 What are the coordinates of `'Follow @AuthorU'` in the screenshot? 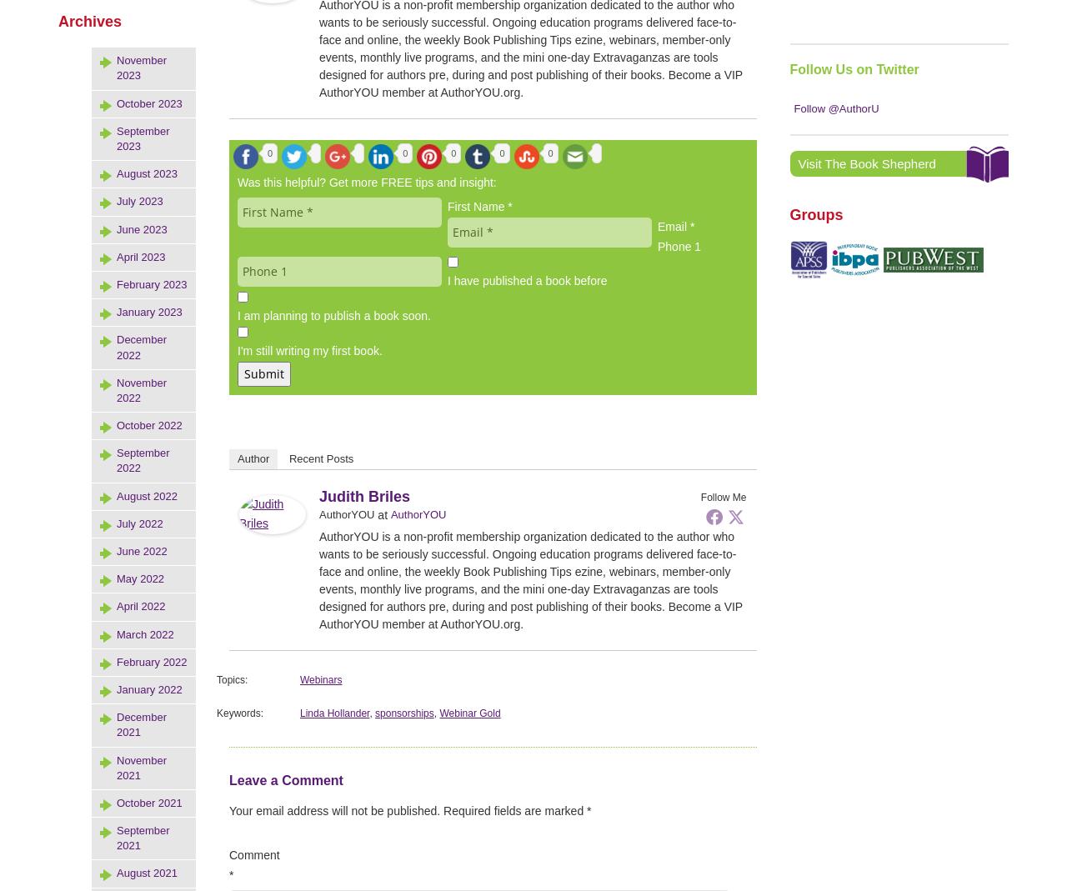 It's located at (793, 108).